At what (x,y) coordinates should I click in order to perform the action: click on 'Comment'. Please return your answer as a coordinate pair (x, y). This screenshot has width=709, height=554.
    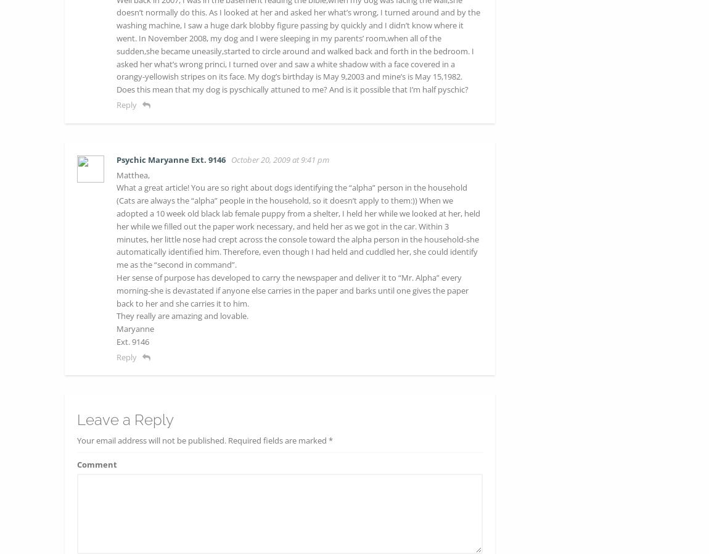
    Looking at the image, I should click on (96, 464).